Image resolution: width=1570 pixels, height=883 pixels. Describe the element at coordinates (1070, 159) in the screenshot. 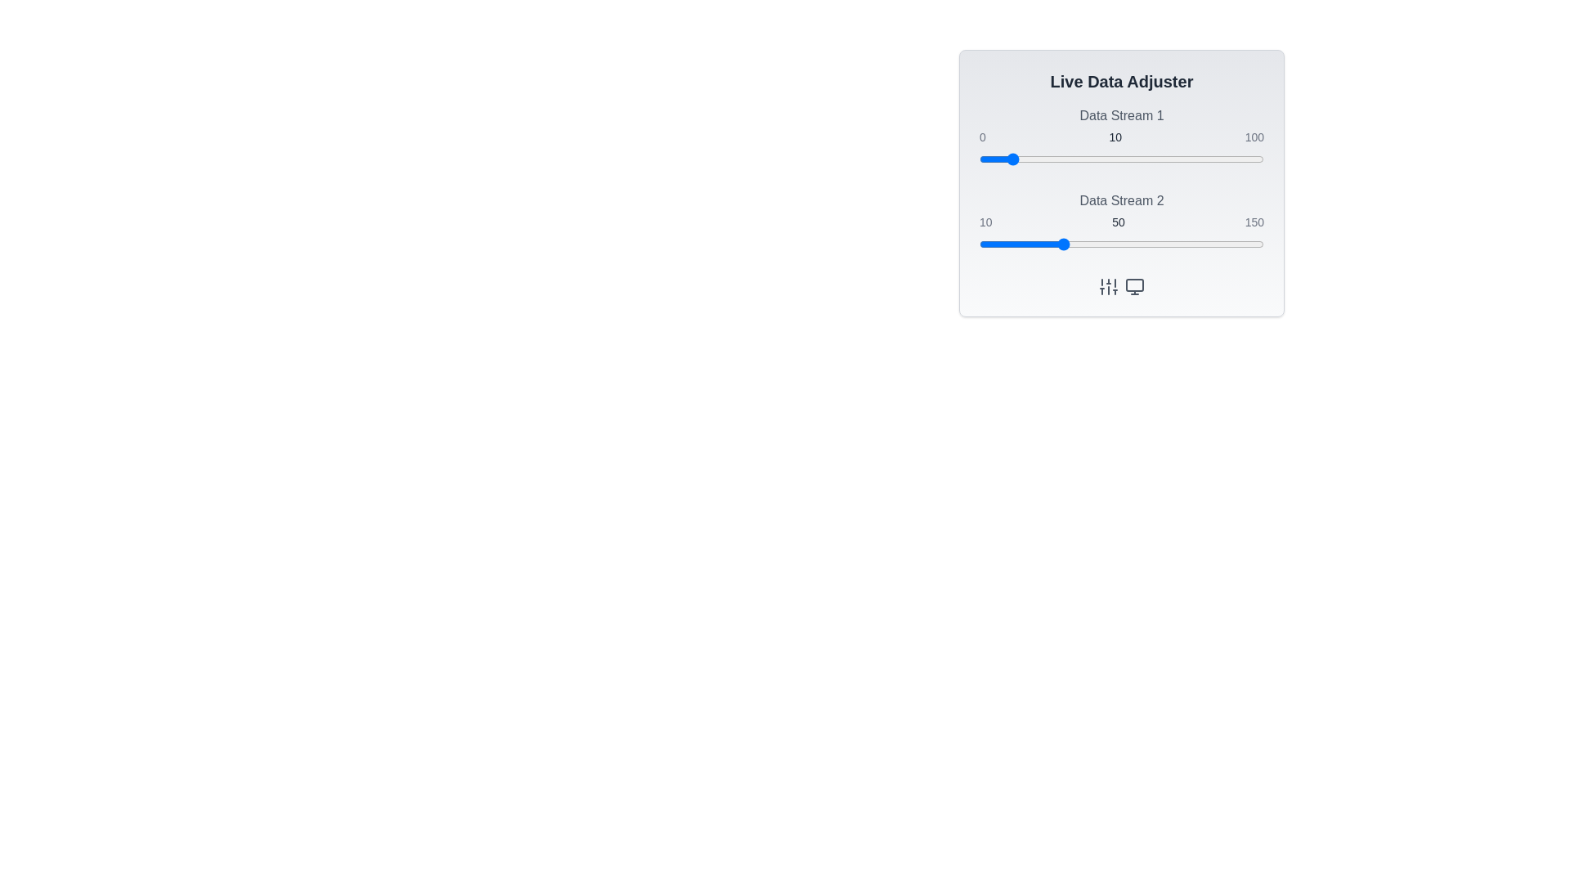

I see `the slider` at that location.